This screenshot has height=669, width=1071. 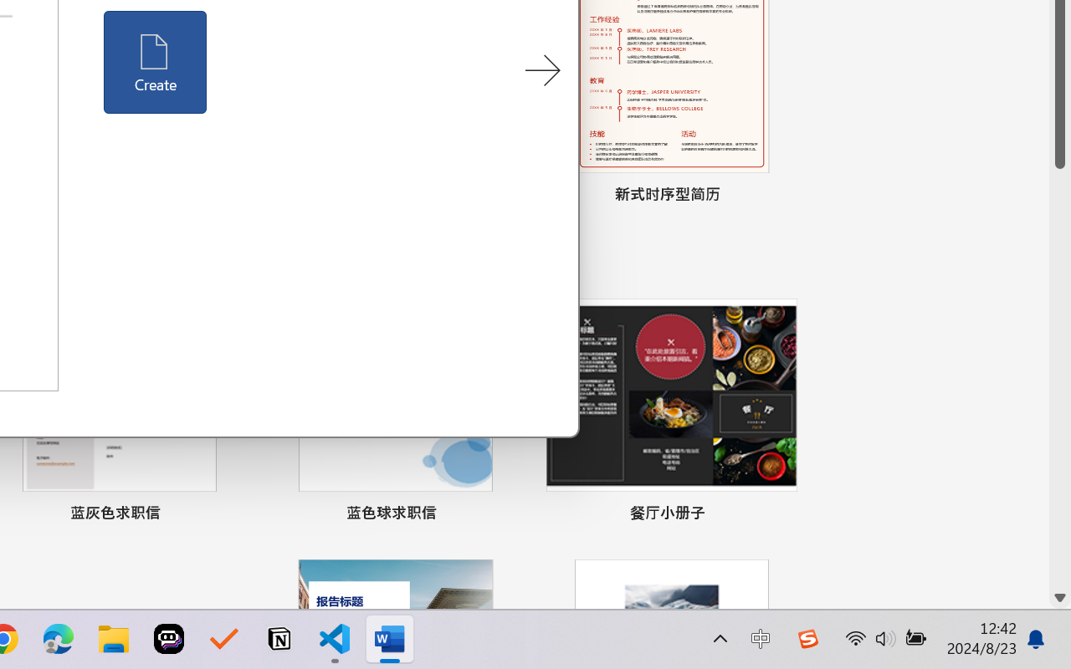 I want to click on 'Line down', so click(x=1059, y=597).